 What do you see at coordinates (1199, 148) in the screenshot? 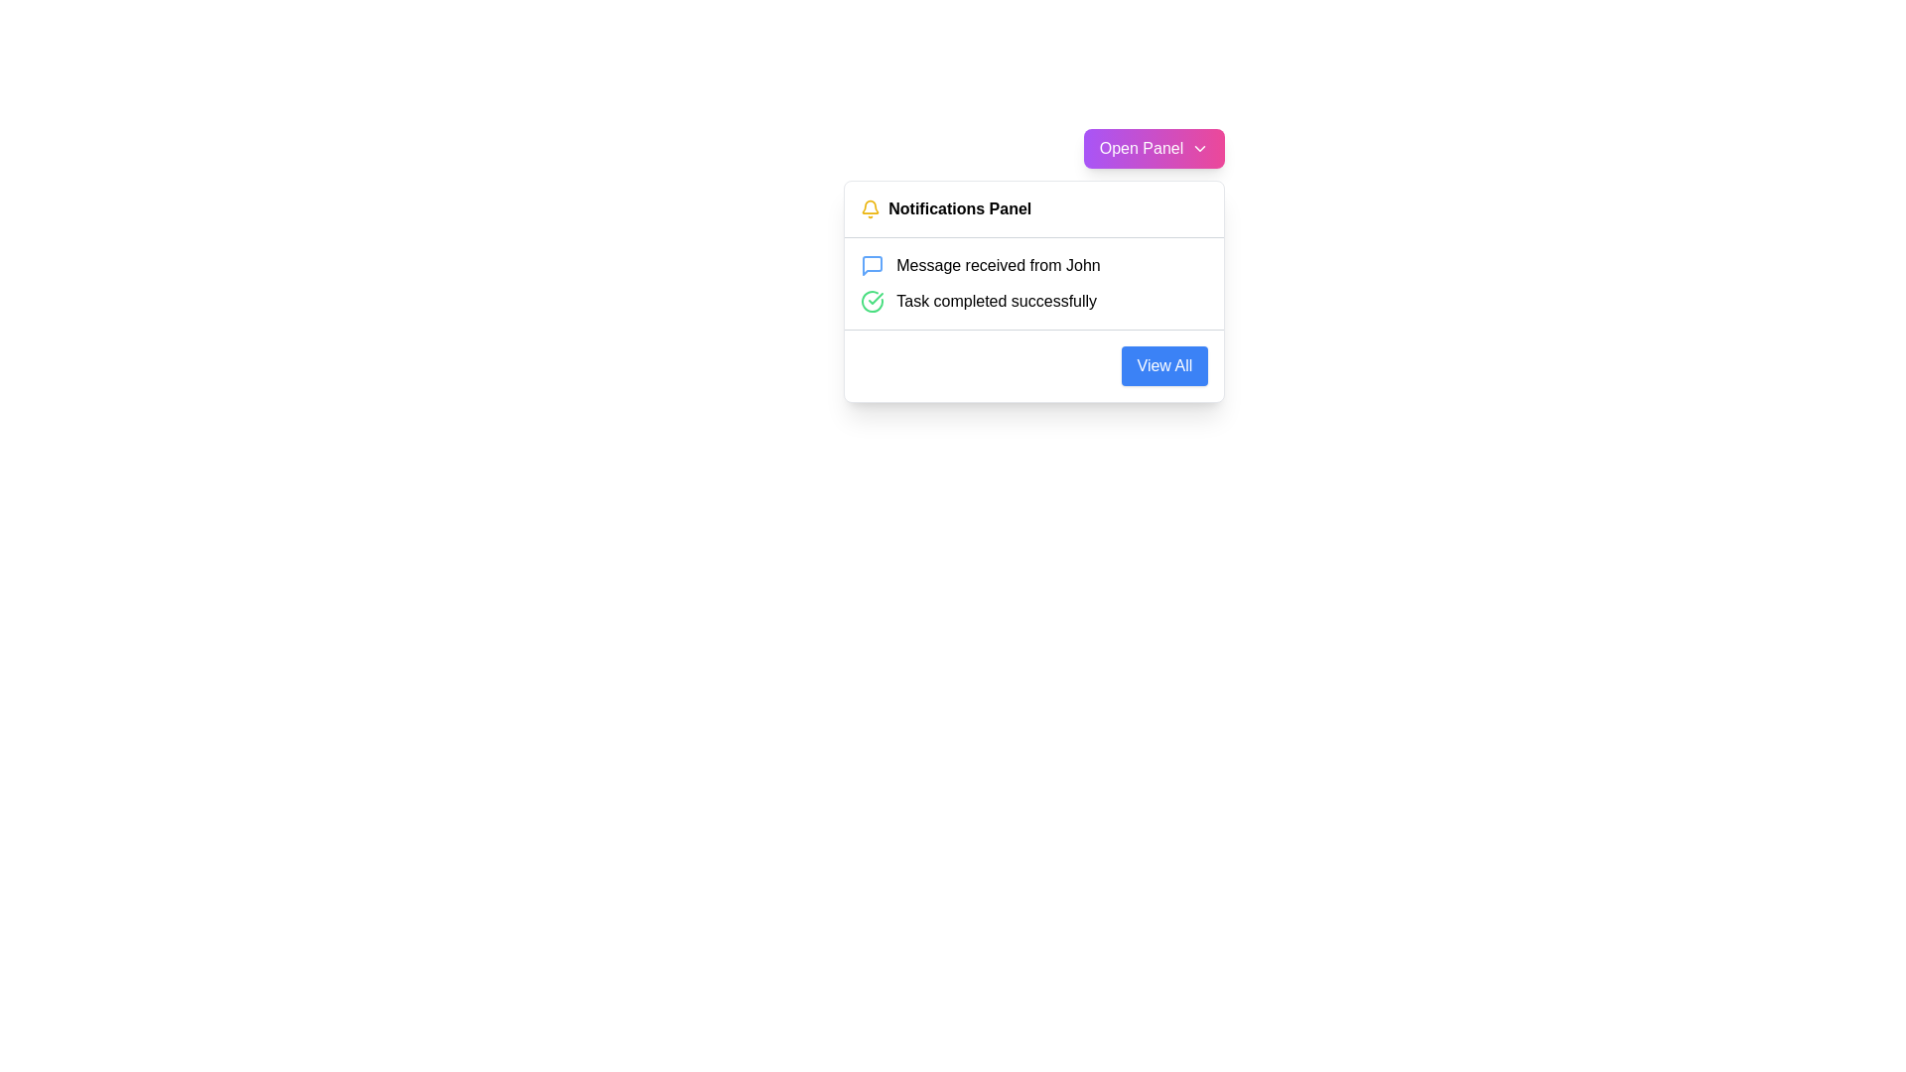
I see `the downwards-pointing chevron icon located inside the 'Open Panel' button` at bounding box center [1199, 148].